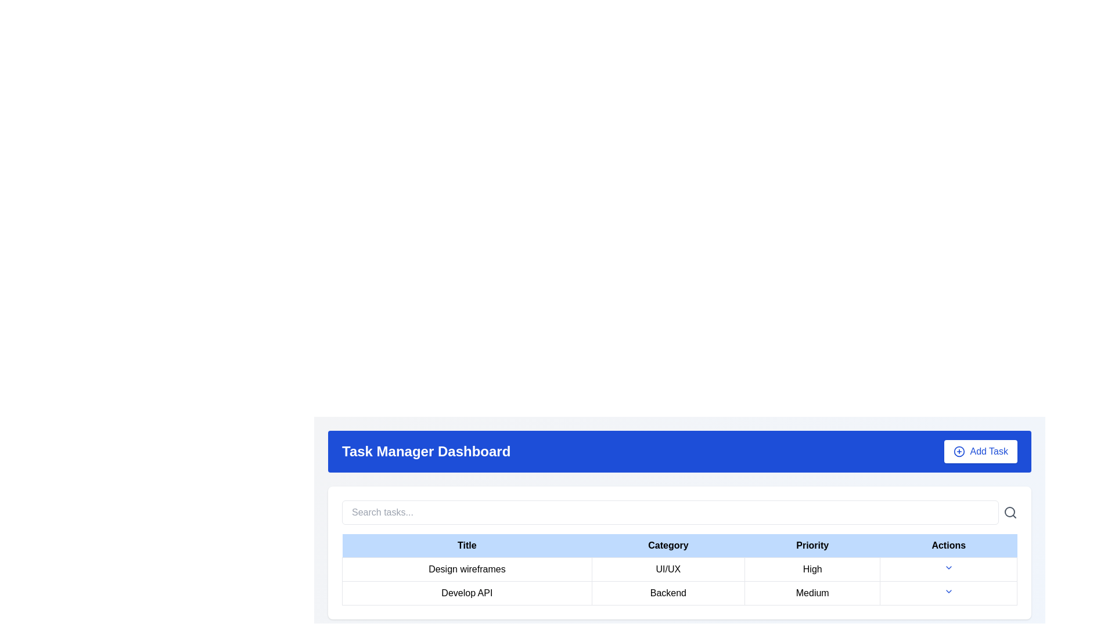 Image resolution: width=1115 pixels, height=627 pixels. I want to click on the 'Category' label in the table that corresponds to the row for 'Design wireframes' with a contextual classification of 'High', so click(668, 568).